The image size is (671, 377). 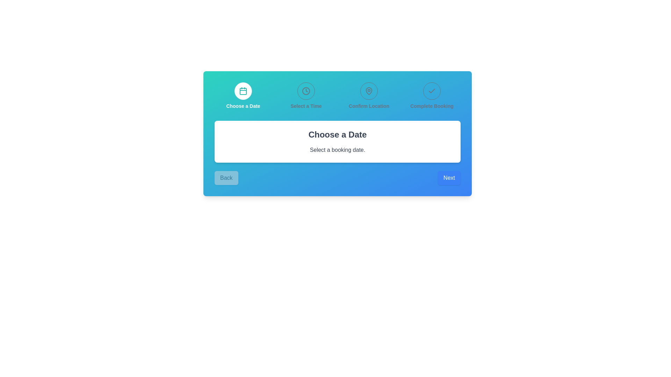 I want to click on the SVG Rectangle that visually represents a day or date section within the calendar icon located in the 'Choose a Date' navigation step, so click(x=243, y=91).